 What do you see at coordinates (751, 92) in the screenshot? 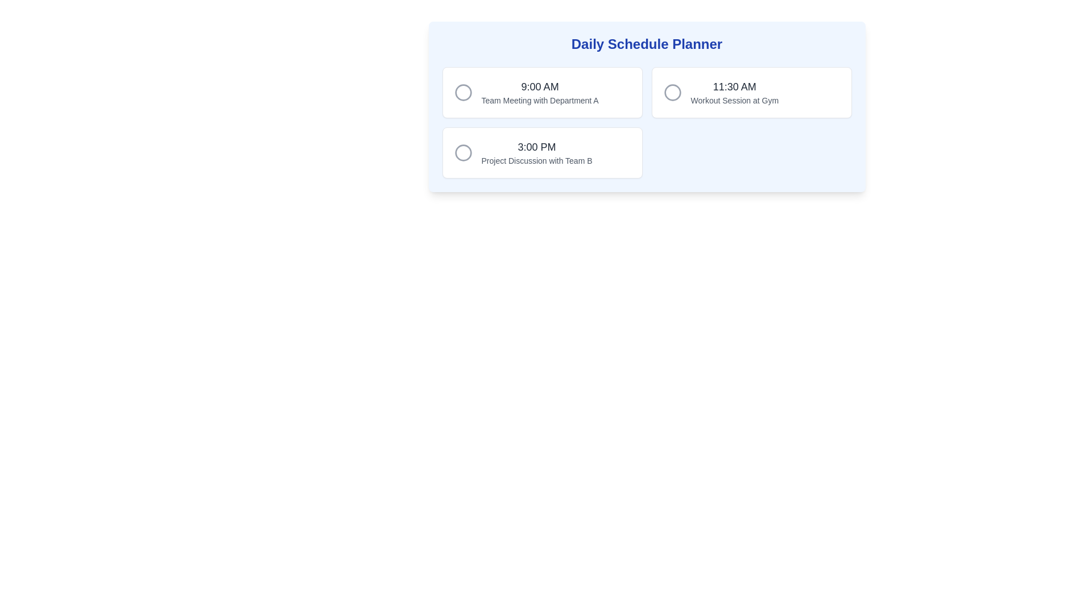
I see `the card containing the text '11:30 AM' and 'Workout Session at Gym' for accessibility navigation` at bounding box center [751, 92].